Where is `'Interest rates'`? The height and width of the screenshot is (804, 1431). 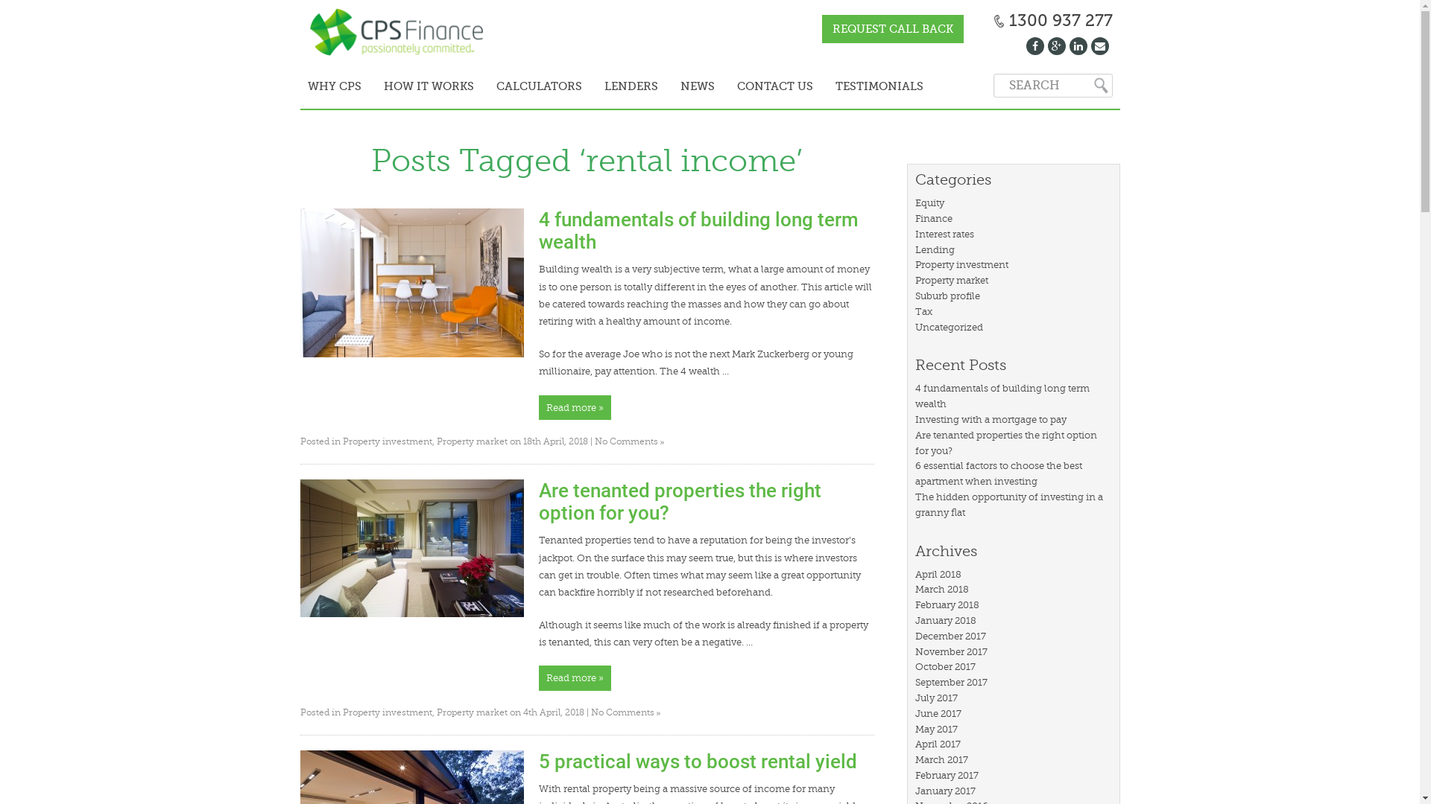
'Interest rates' is located at coordinates (944, 234).